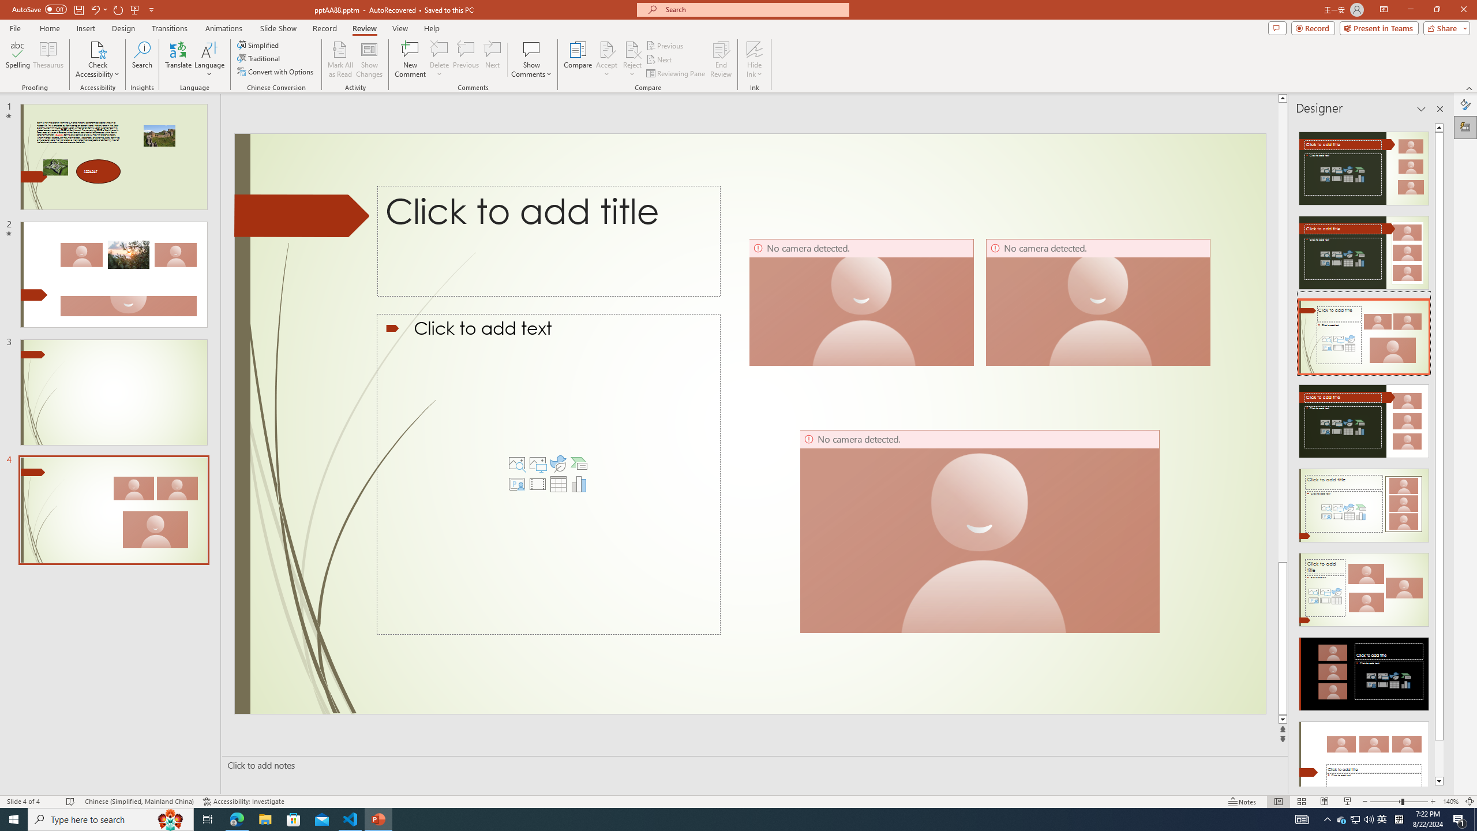 This screenshot has height=831, width=1477. What do you see at coordinates (606, 48) in the screenshot?
I see `'Accept Change'` at bounding box center [606, 48].